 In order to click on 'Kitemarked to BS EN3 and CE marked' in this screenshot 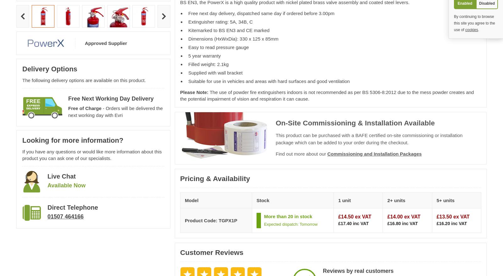, I will do `click(229, 30)`.